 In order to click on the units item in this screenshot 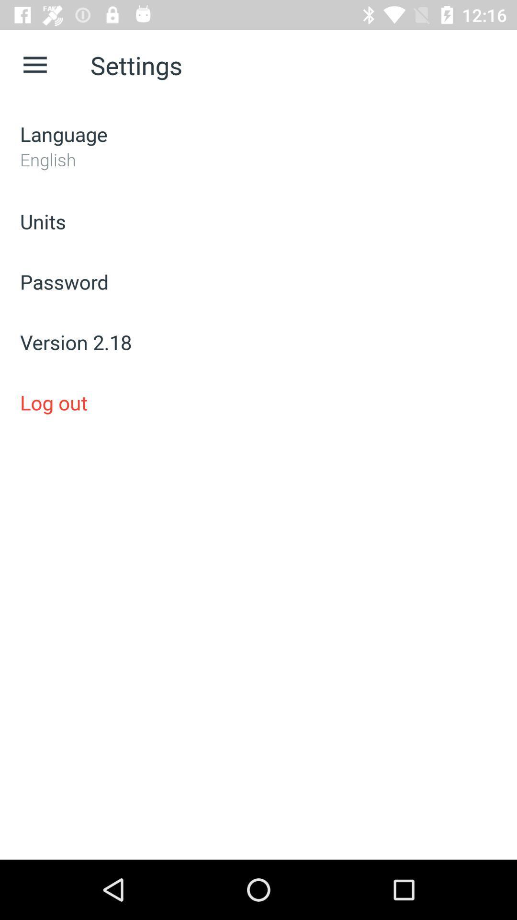, I will do `click(258, 220)`.